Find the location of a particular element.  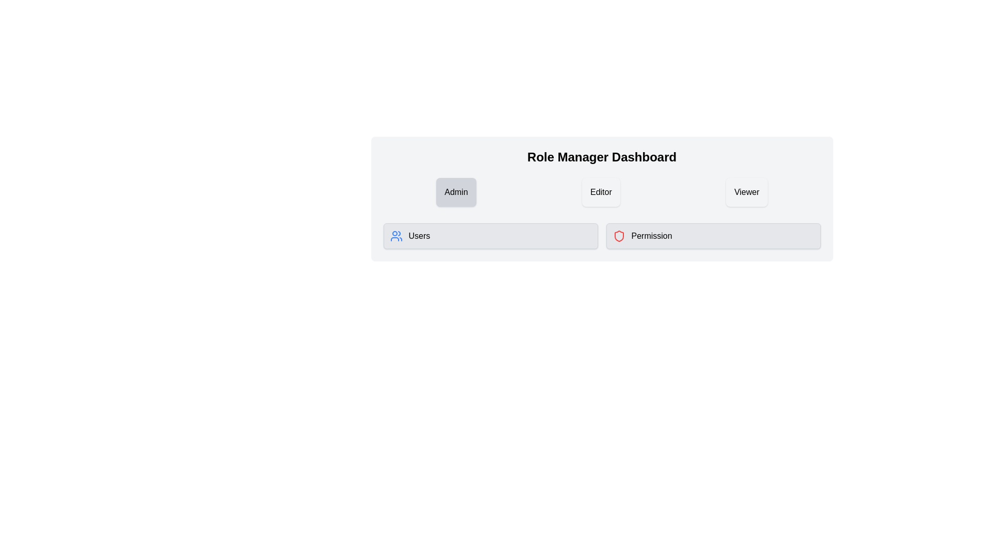

the first button in the grid layout that allows users is located at coordinates (490, 236).